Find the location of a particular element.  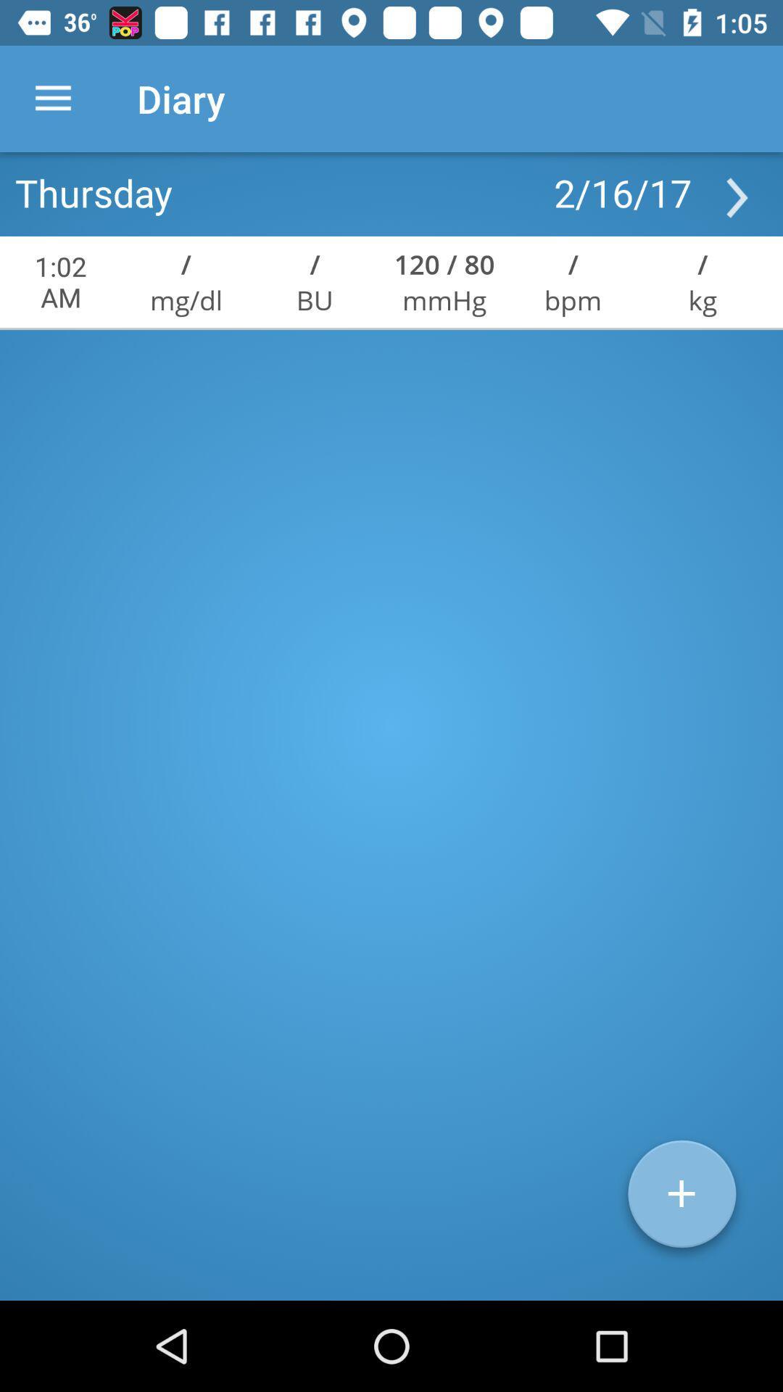

icon above the 1:02 is located at coordinates (94, 191).